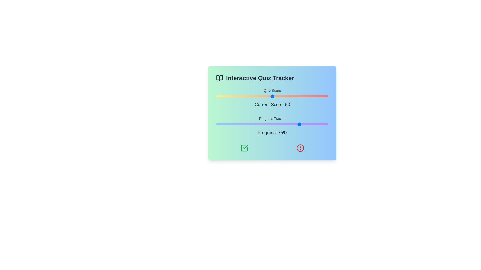  Describe the element at coordinates (300, 148) in the screenshot. I see `the red alert icon to indicate issues or errors` at that location.